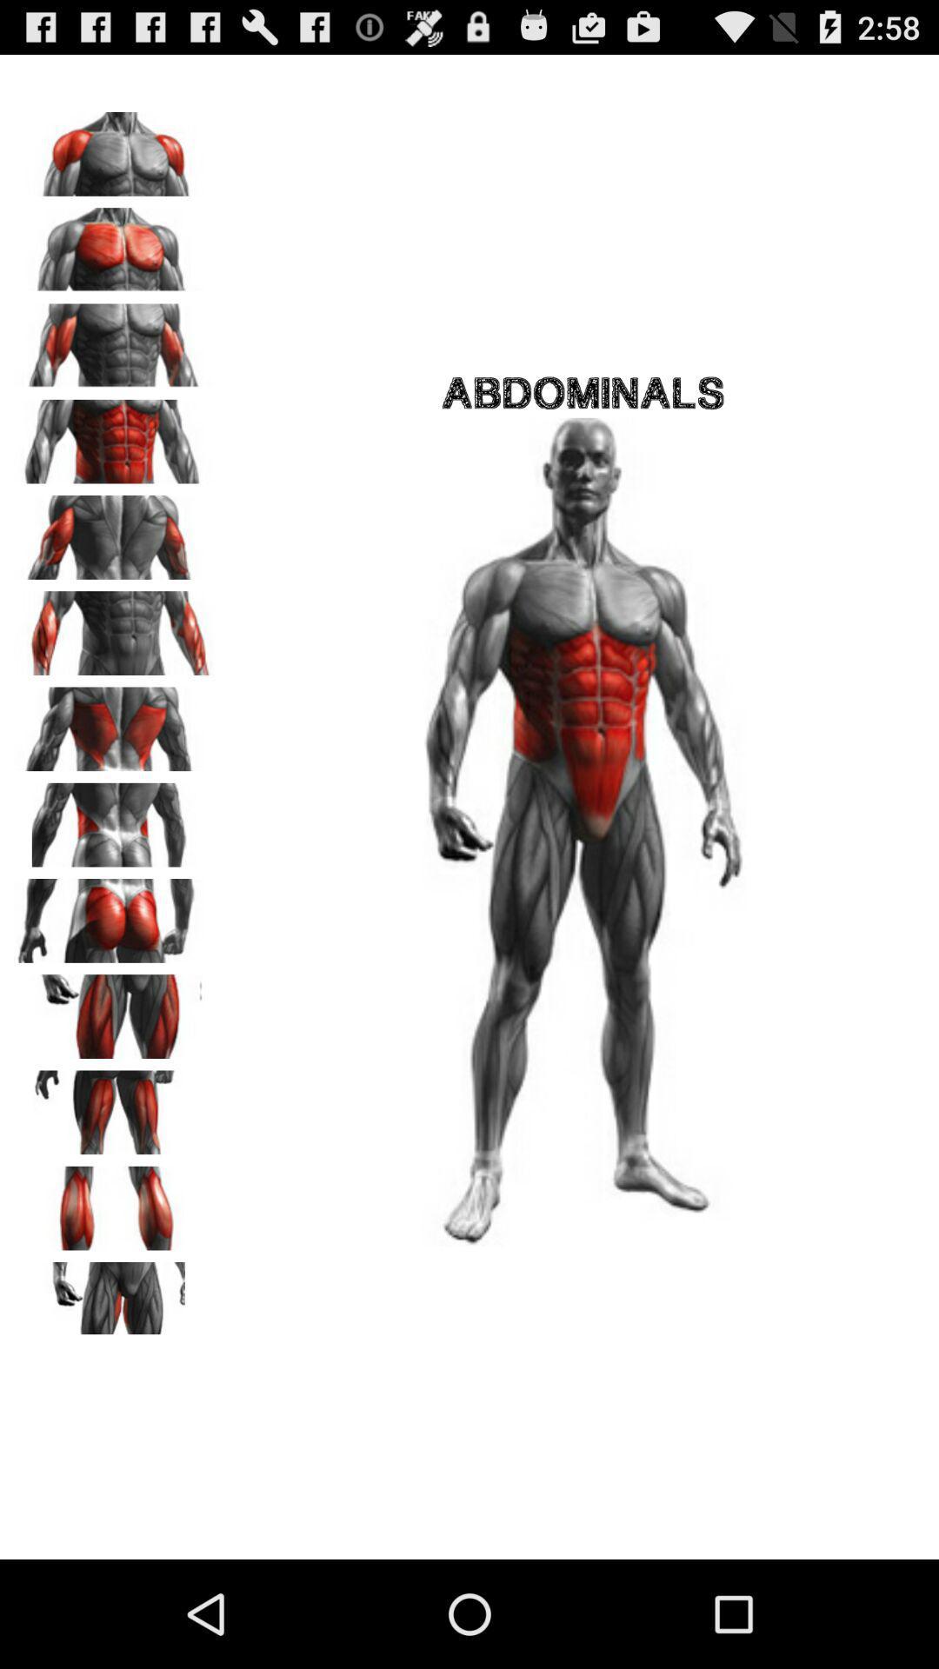 This screenshot has height=1669, width=939. I want to click on highlight specified muscles, so click(114, 626).